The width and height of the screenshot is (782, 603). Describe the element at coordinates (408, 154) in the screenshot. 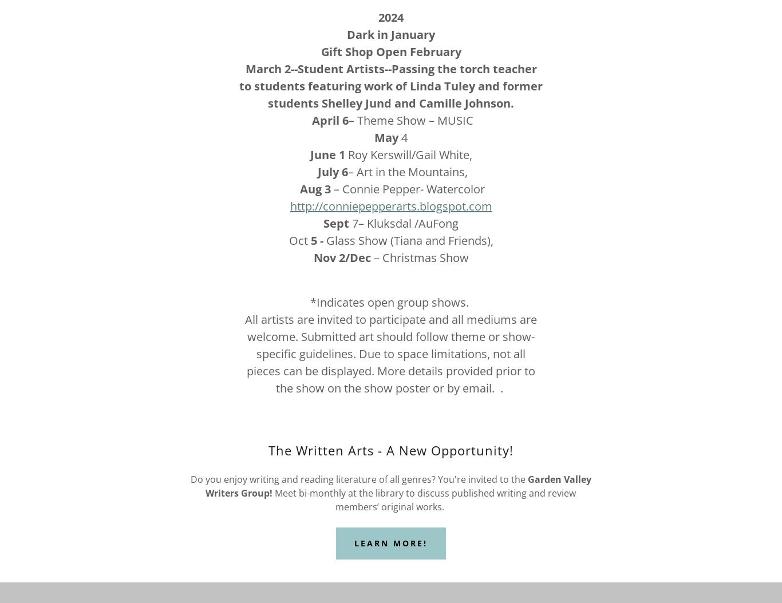

I see `'Roy Kerswill/Gail White,'` at that location.